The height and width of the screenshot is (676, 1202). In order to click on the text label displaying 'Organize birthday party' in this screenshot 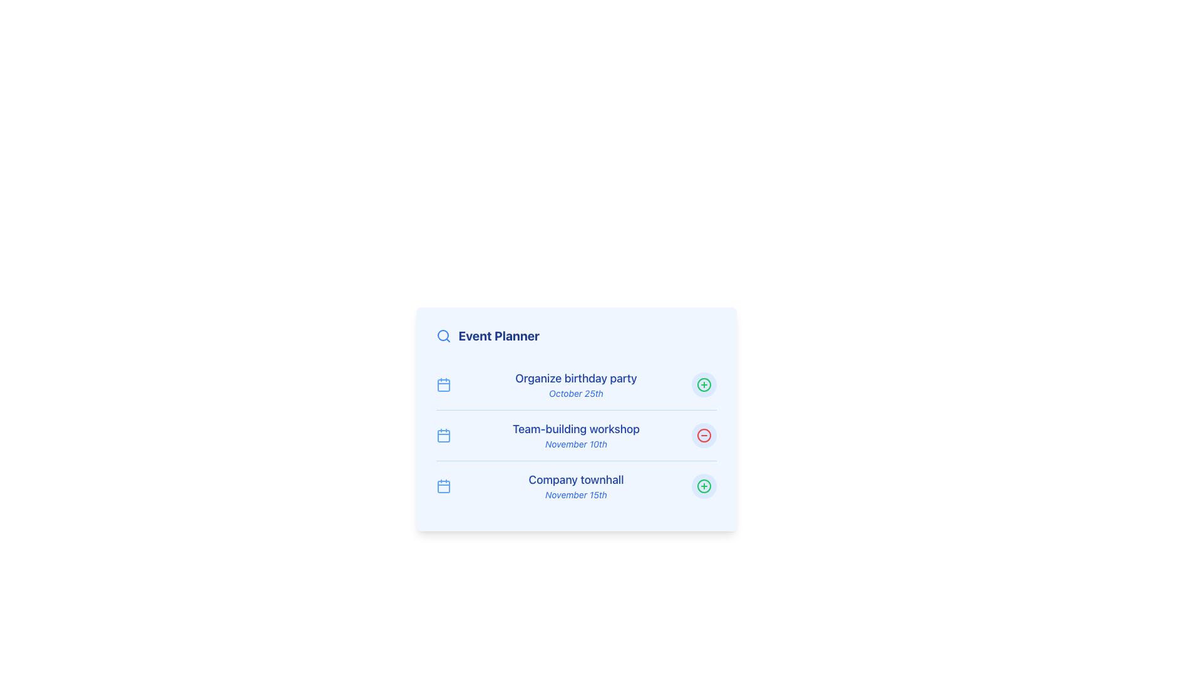, I will do `click(575, 384)`.